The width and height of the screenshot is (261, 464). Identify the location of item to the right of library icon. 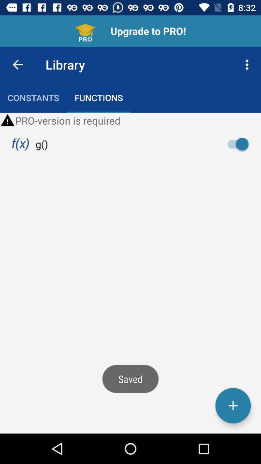
(248, 64).